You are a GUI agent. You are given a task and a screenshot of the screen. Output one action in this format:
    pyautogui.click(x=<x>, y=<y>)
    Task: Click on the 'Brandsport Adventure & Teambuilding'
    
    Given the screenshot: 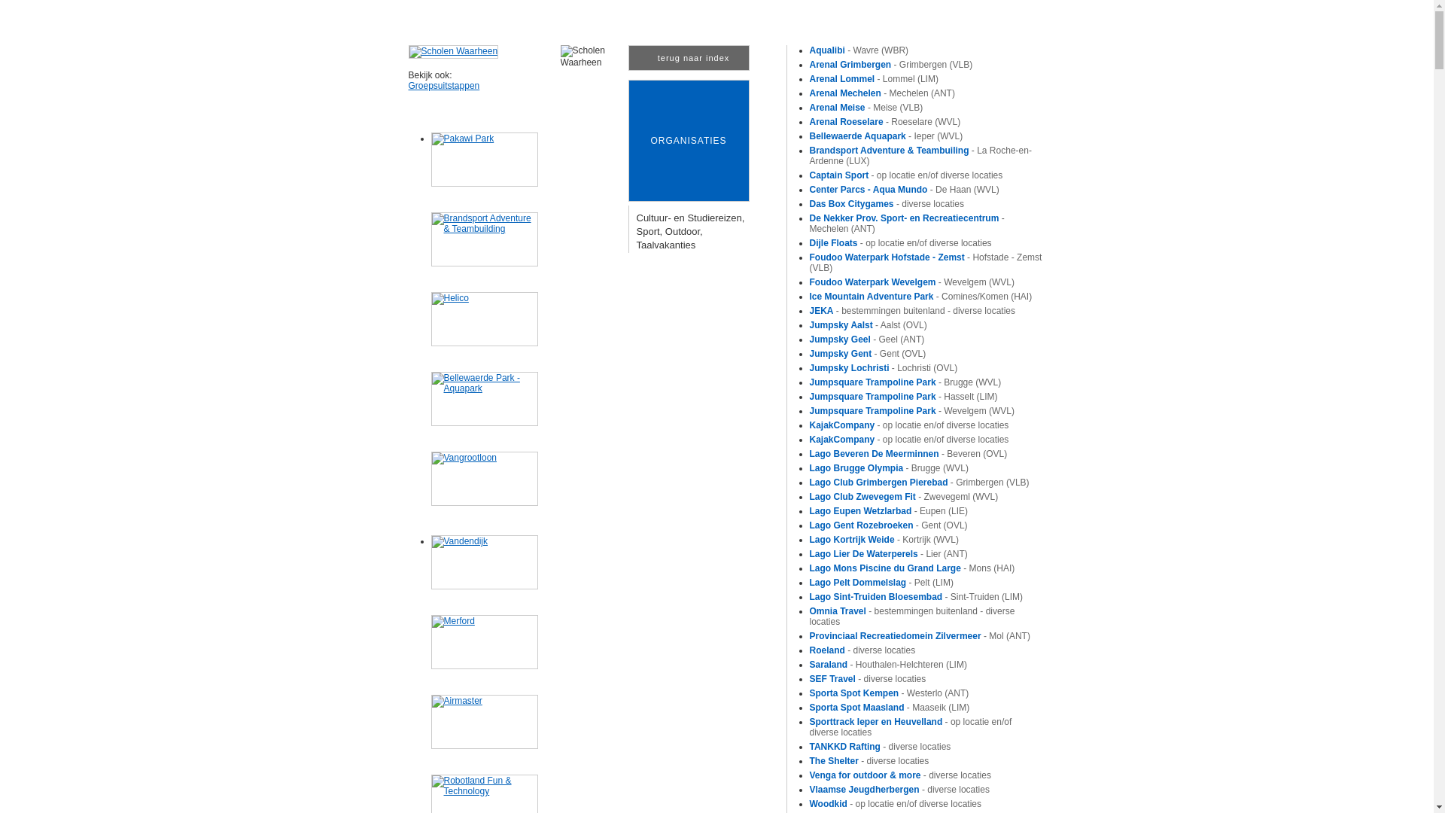 What is the action you would take?
    pyautogui.click(x=484, y=238)
    